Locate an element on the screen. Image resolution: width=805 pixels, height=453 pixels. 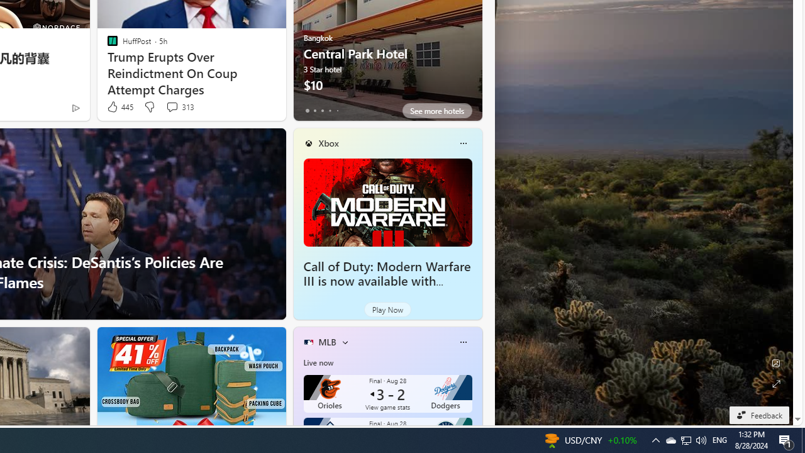
'Xbox' is located at coordinates (328, 142).